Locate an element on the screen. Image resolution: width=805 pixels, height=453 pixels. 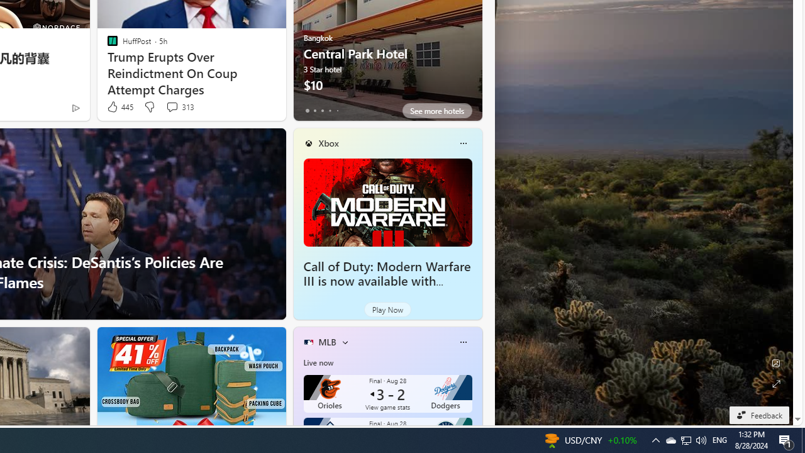
'Xbox' is located at coordinates (328, 142).